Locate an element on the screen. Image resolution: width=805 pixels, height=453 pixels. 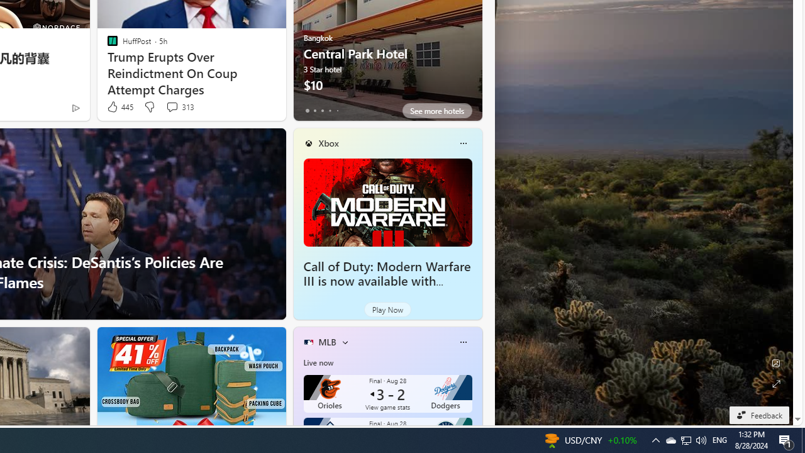
'Xbox' is located at coordinates (328, 142).